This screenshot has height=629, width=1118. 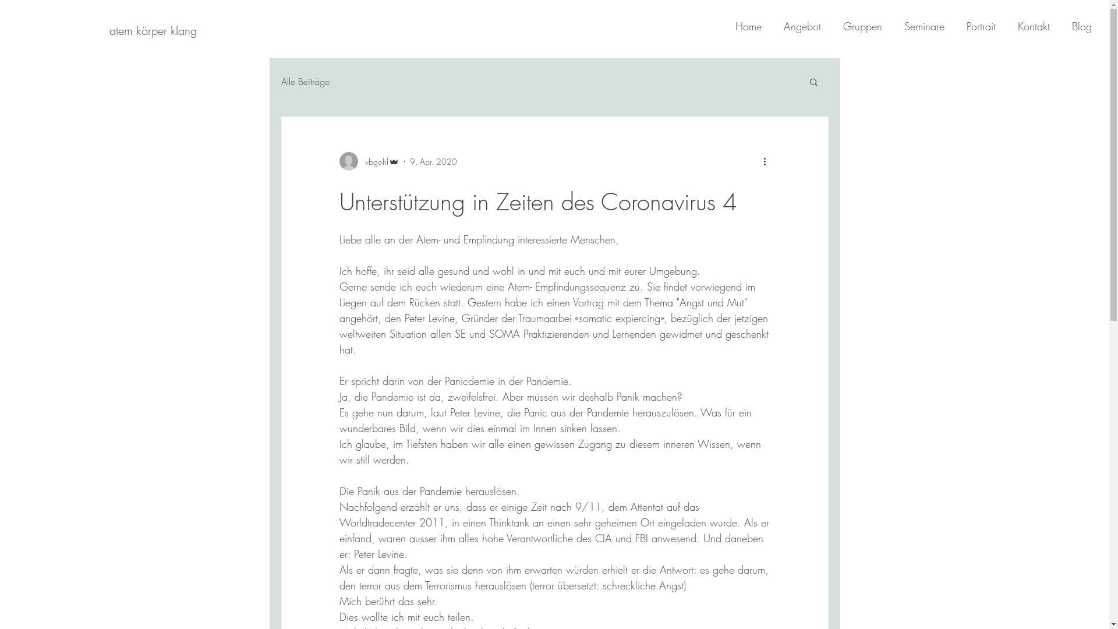 I want to click on 'Home', so click(x=742, y=26).